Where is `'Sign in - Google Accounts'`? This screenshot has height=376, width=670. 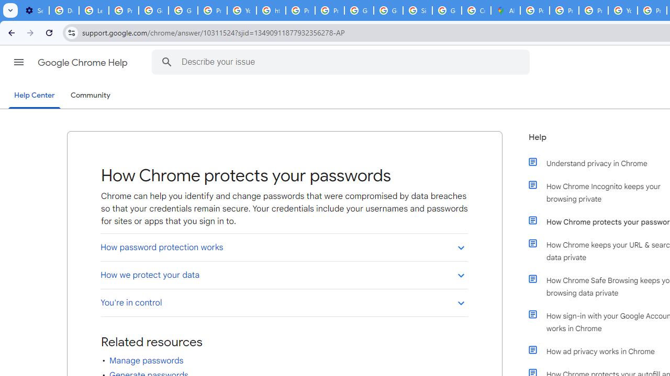 'Sign in - Google Accounts' is located at coordinates (417, 10).